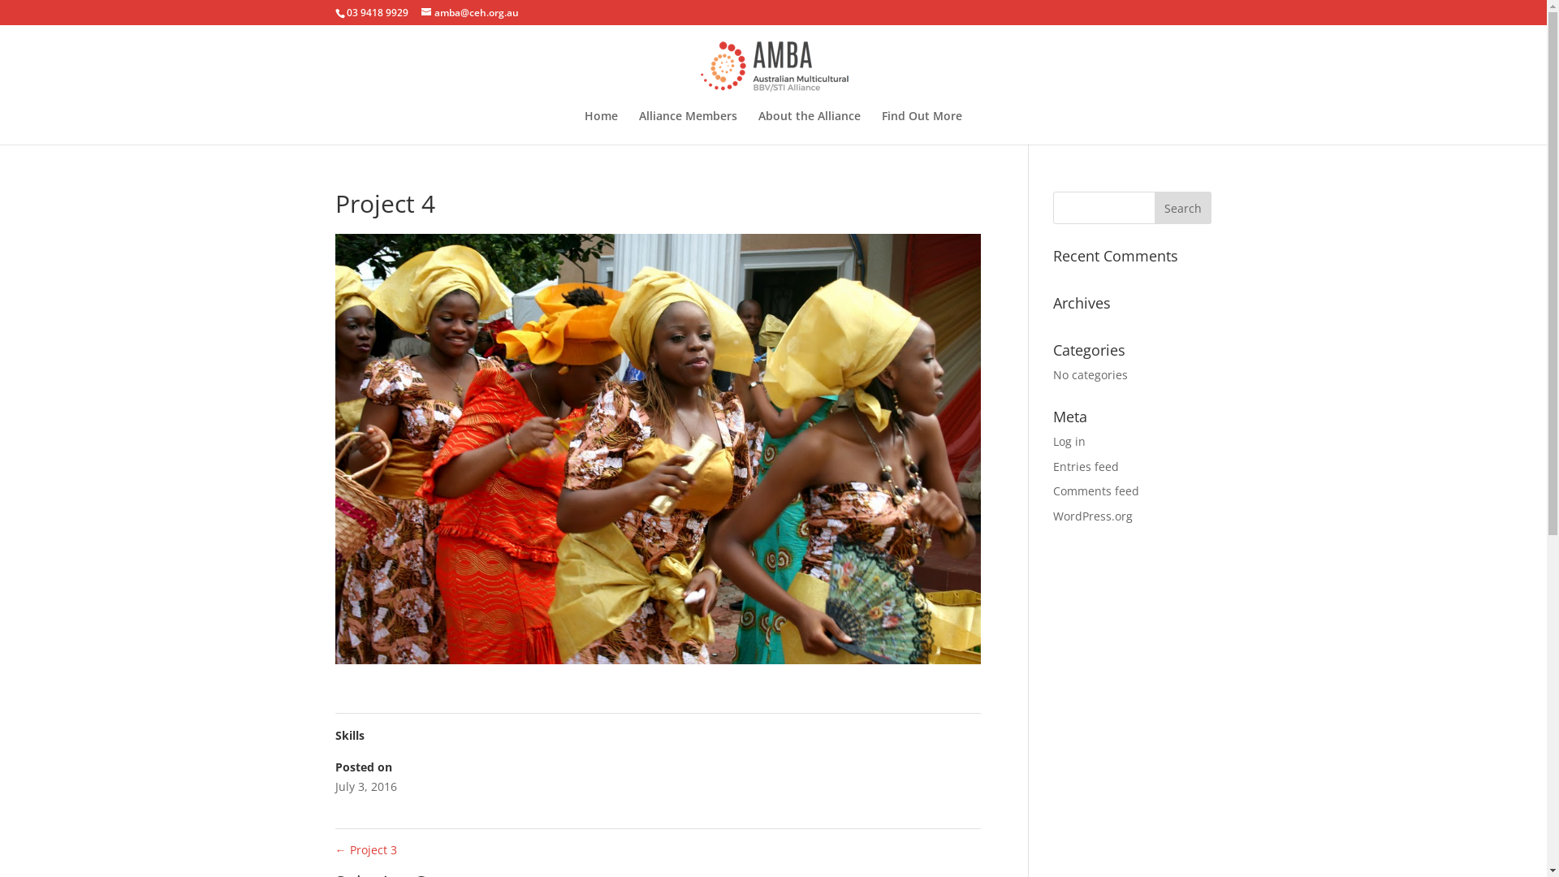 The width and height of the screenshot is (1559, 877). I want to click on 'amba@ceh.org.au', so click(468, 12).